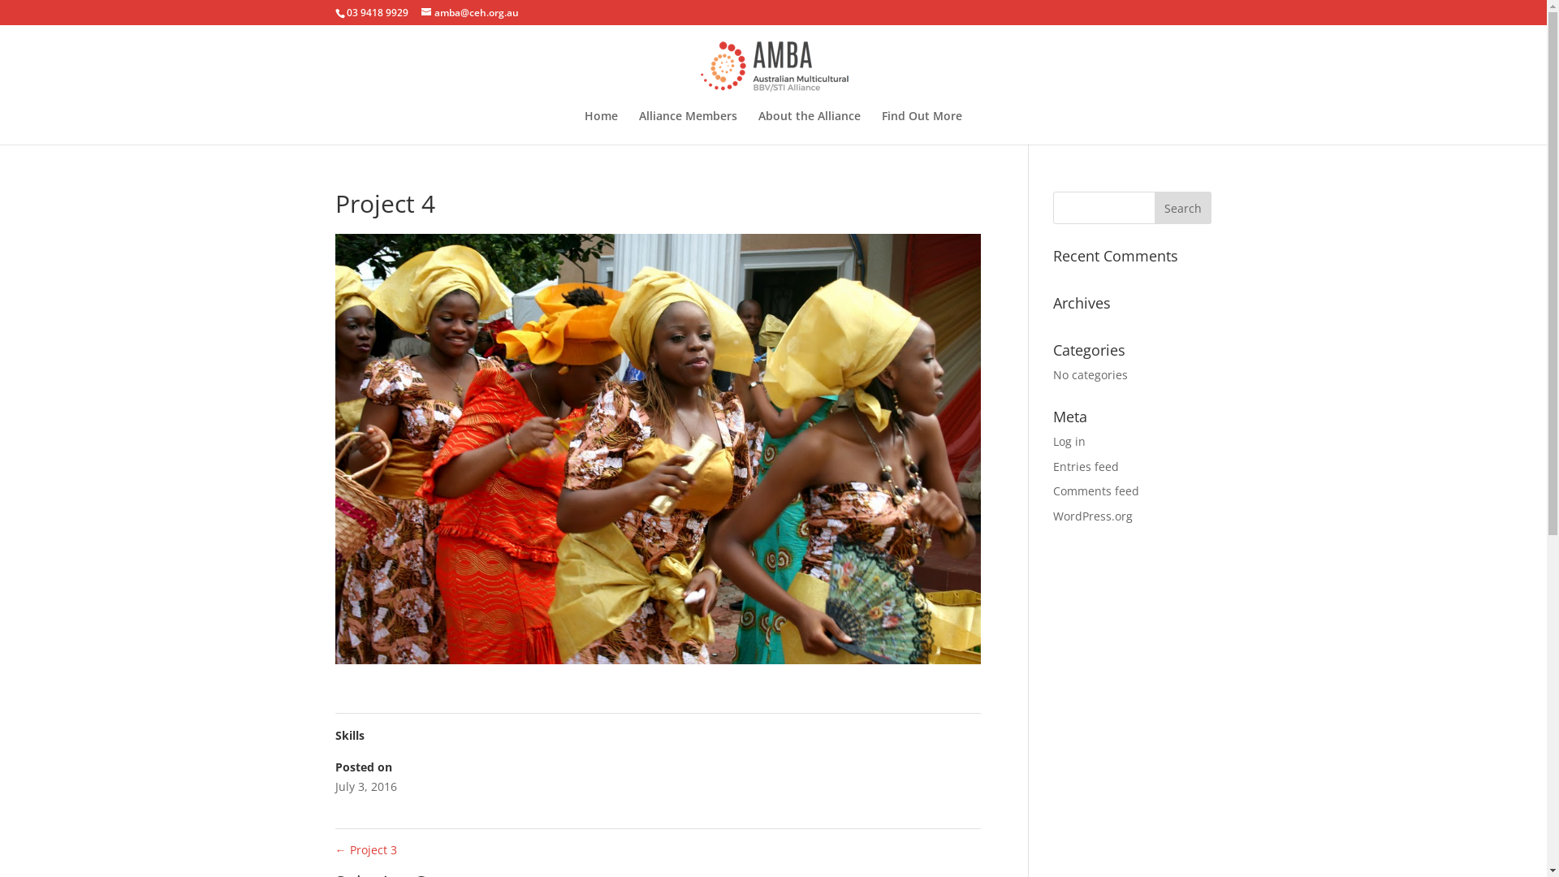 The width and height of the screenshot is (1559, 877). I want to click on 'amba@ceh.org.au', so click(468, 12).